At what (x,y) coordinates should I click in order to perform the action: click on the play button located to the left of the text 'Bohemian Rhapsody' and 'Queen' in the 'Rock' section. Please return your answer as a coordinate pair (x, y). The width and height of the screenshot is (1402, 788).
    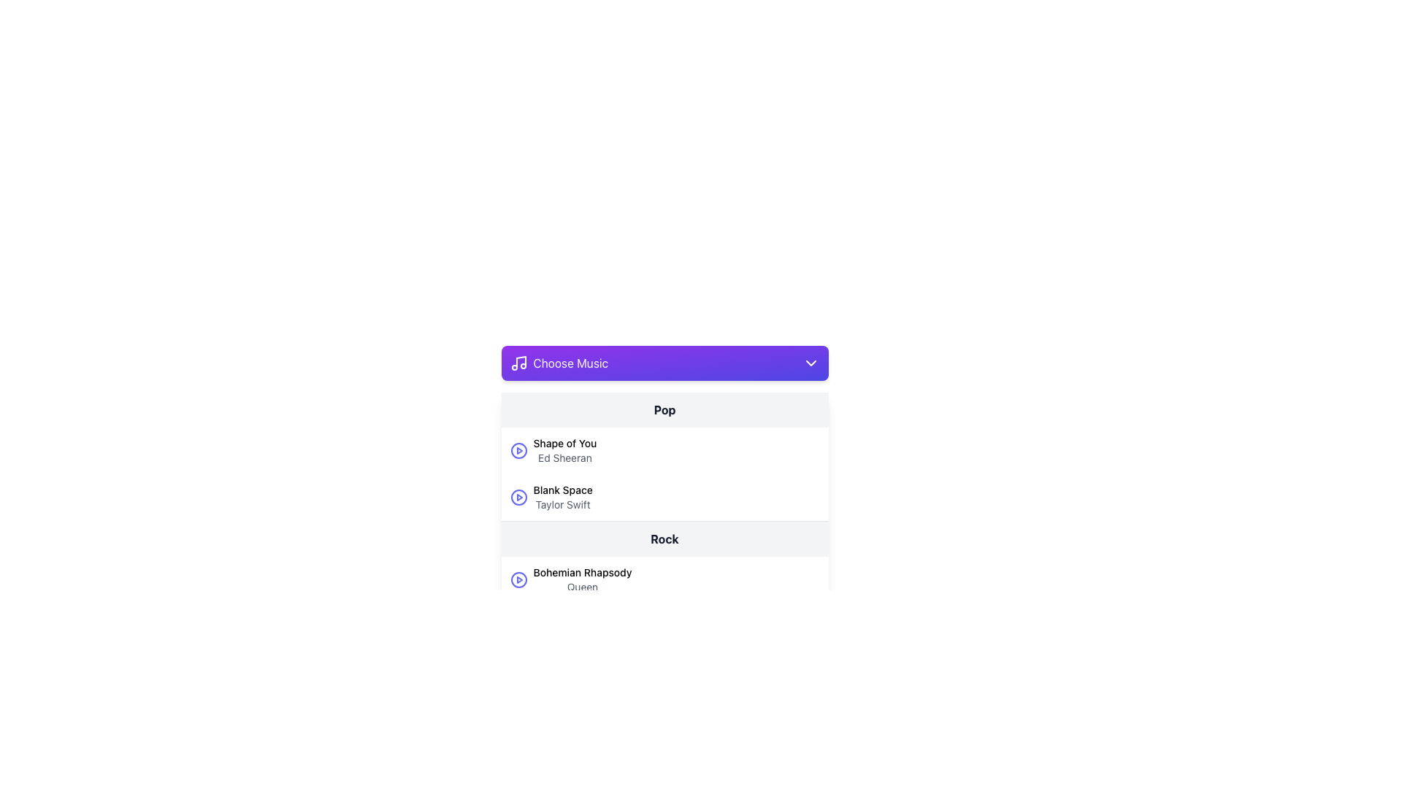
    Looking at the image, I should click on (518, 579).